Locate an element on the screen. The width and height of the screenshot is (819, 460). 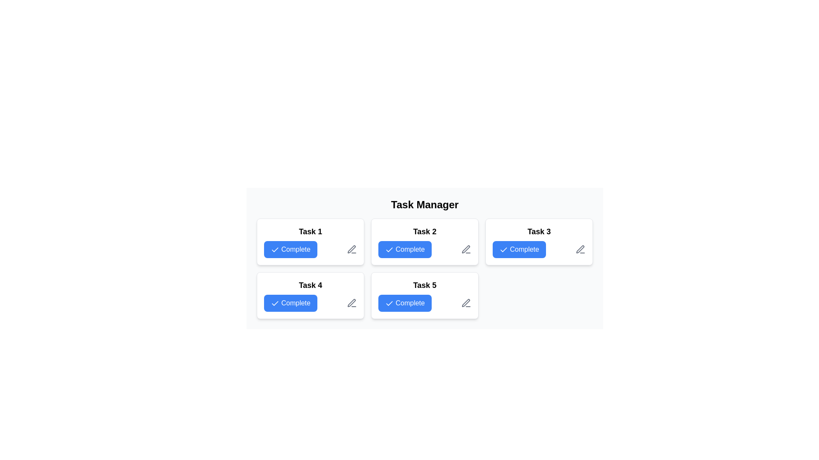
the checkmark icon embedded within the blue 'Complete' button in the 'Task 5' card of the task grid is located at coordinates (389, 303).